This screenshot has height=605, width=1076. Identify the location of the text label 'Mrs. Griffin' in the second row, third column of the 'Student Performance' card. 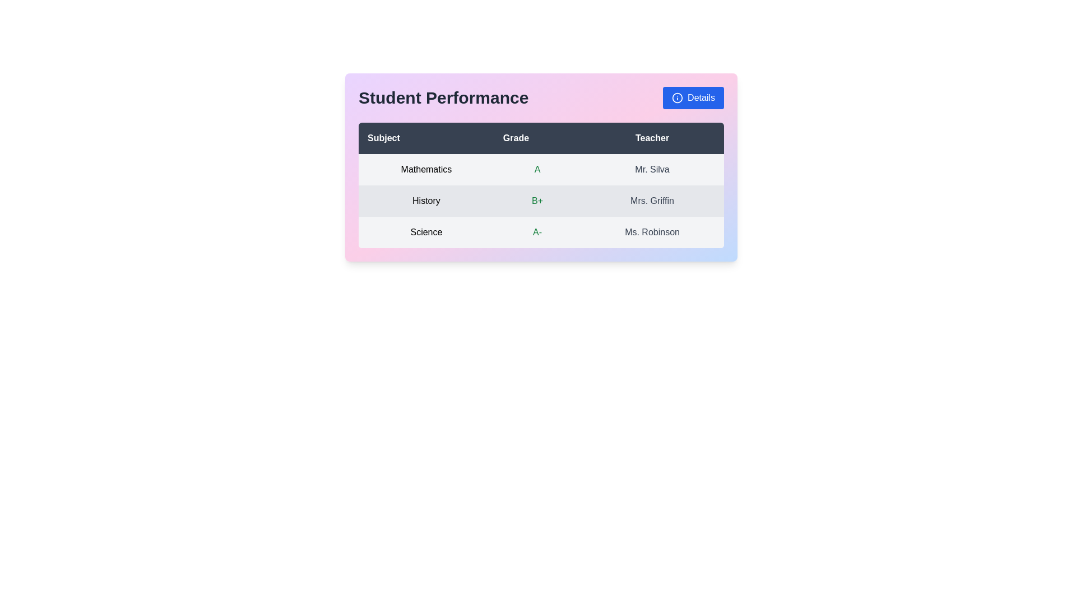
(652, 200).